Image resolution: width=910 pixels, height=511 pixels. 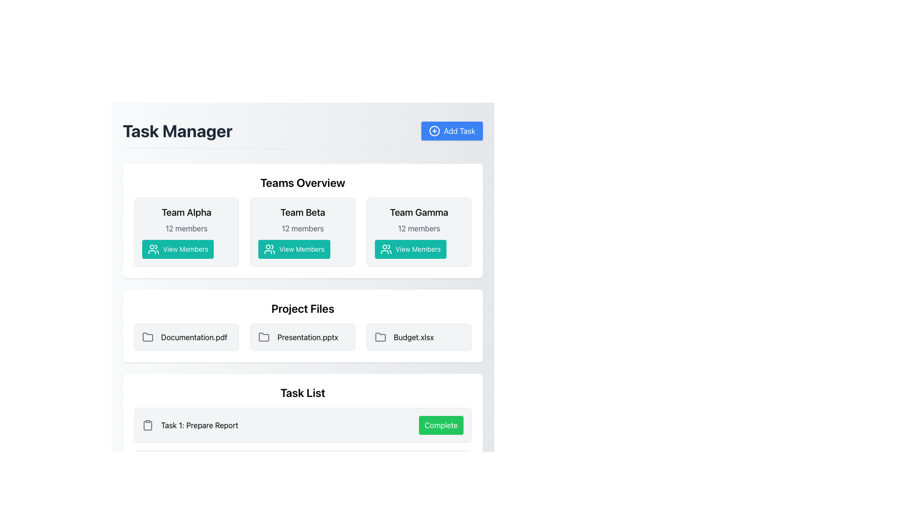 What do you see at coordinates (308, 337) in the screenshot?
I see `the static text element displaying 'Presentation.pptx', which is centrally aligned within a card-like UI component in the 'Project Files' section` at bounding box center [308, 337].